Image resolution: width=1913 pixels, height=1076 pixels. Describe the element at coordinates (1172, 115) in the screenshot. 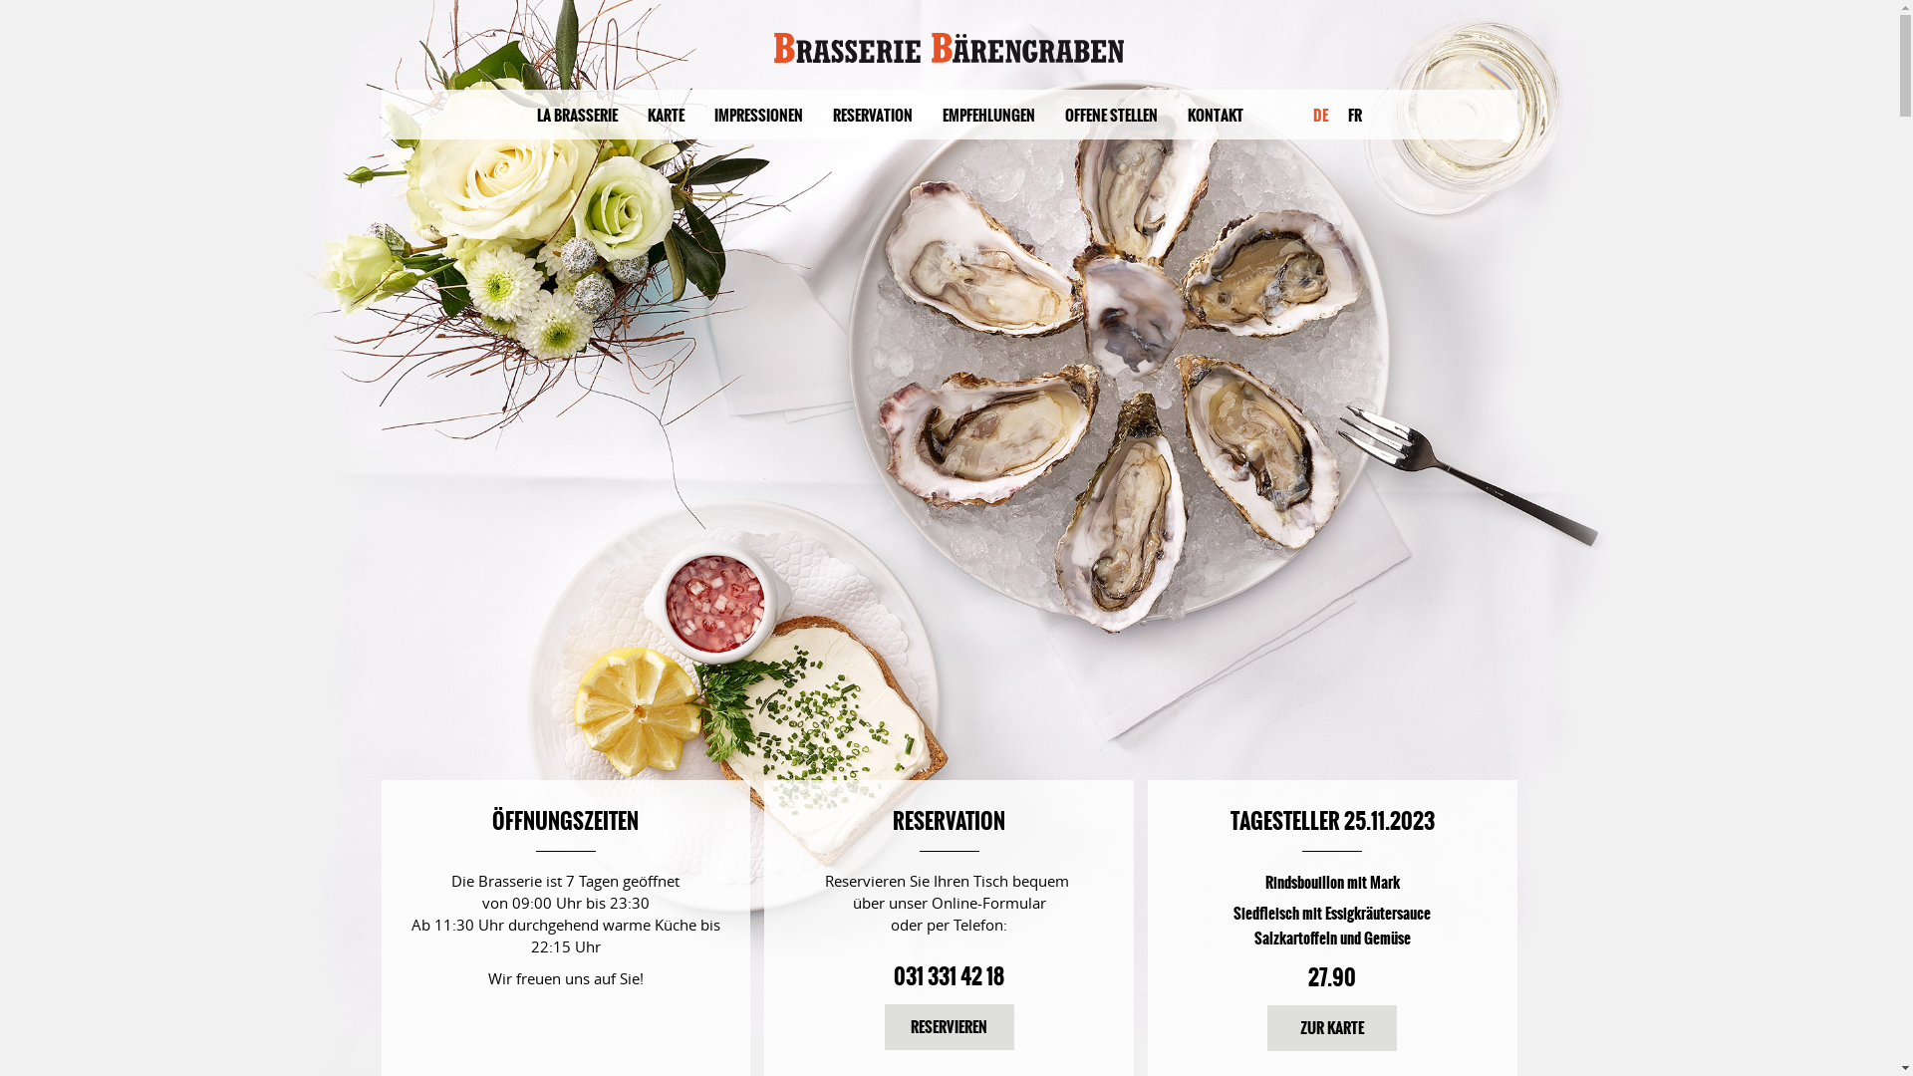

I see `'KONTAKT'` at that location.